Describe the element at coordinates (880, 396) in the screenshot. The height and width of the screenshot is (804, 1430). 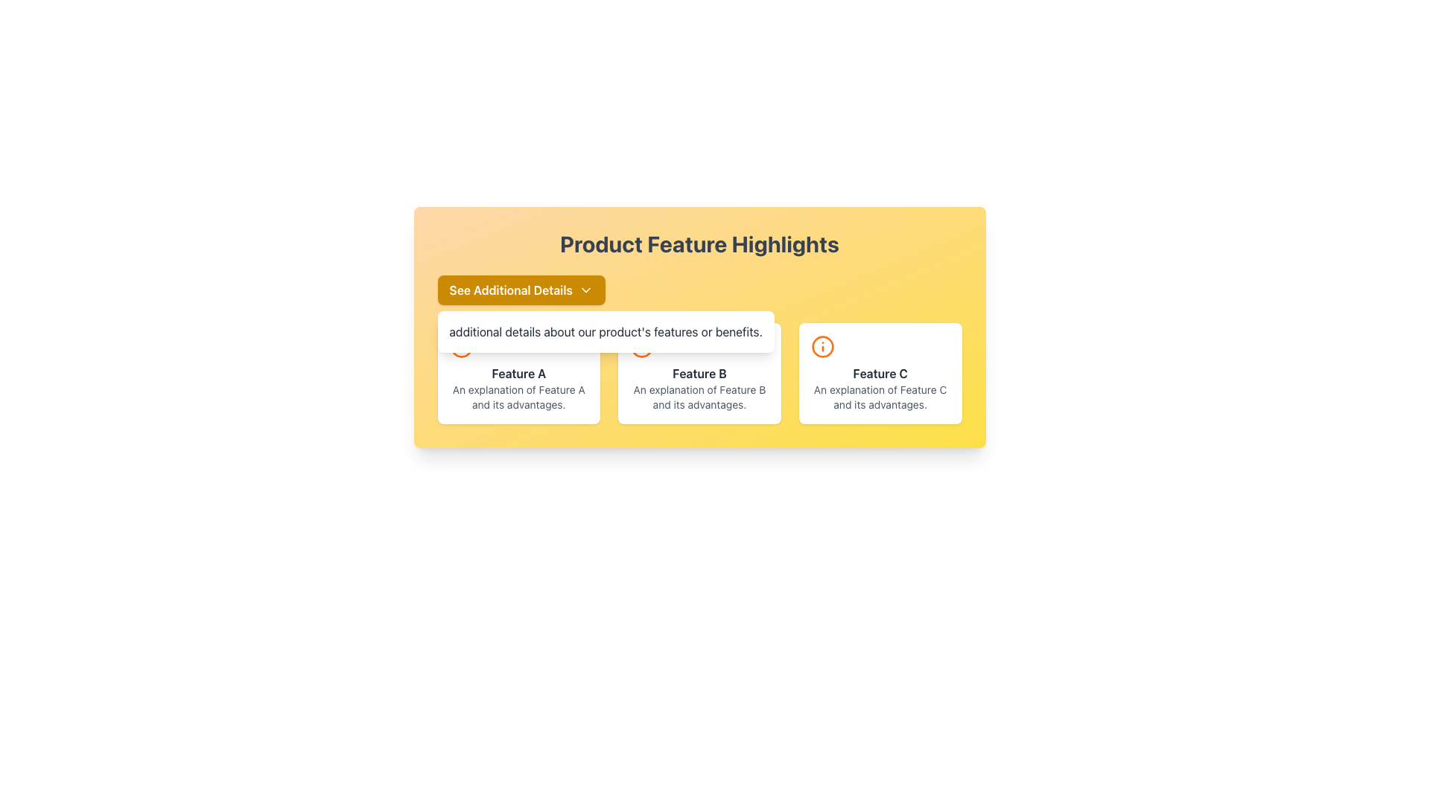
I see `text that says 'An explanation of Feature C and its advantages.' located beneath the heading 'Feature C' and next to an orange icon` at that location.